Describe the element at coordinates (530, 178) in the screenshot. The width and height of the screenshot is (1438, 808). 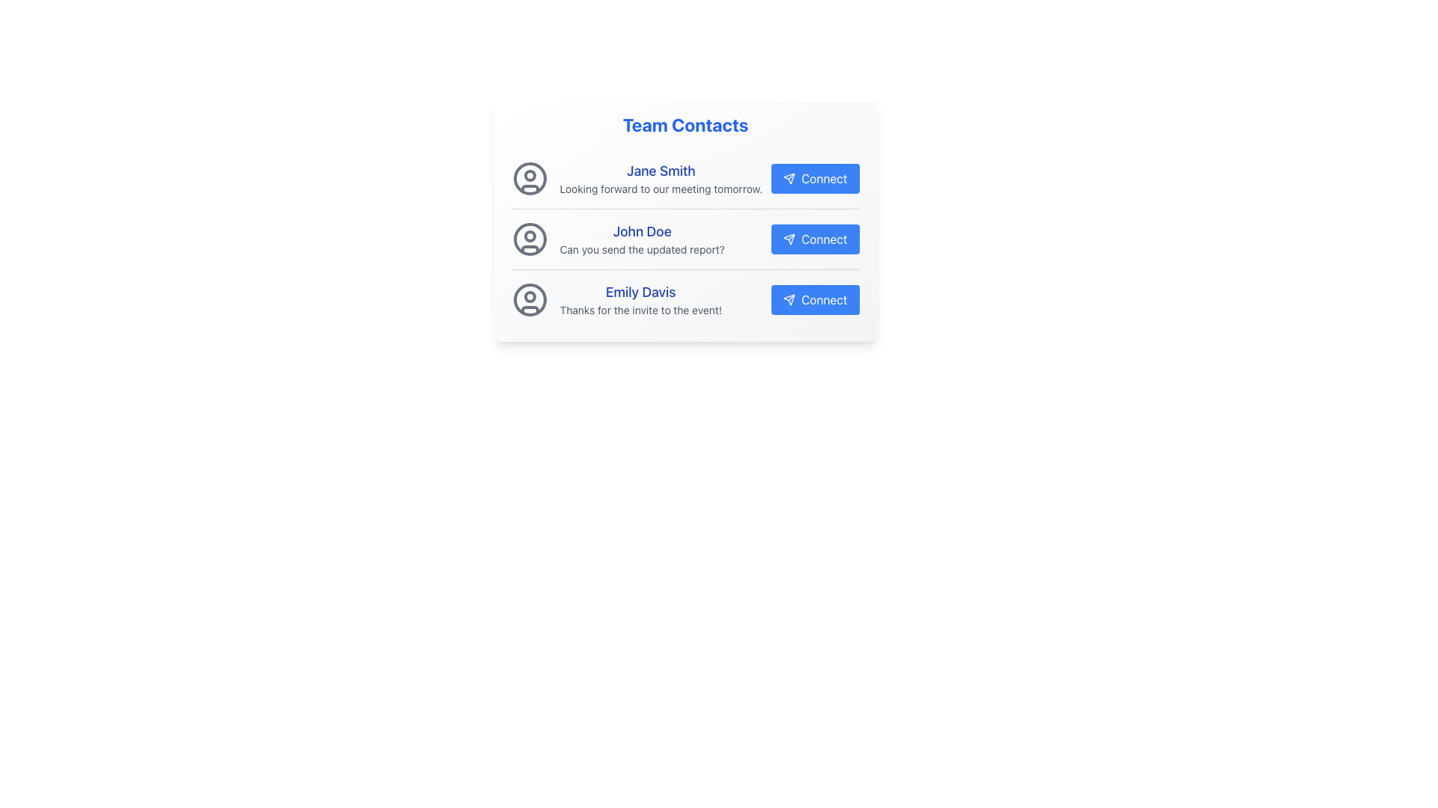
I see `the SVG circle element representing the user's presence in the profile display, located to the left of the text 'Jane Smith' in the 'Team Contacts' section` at that location.